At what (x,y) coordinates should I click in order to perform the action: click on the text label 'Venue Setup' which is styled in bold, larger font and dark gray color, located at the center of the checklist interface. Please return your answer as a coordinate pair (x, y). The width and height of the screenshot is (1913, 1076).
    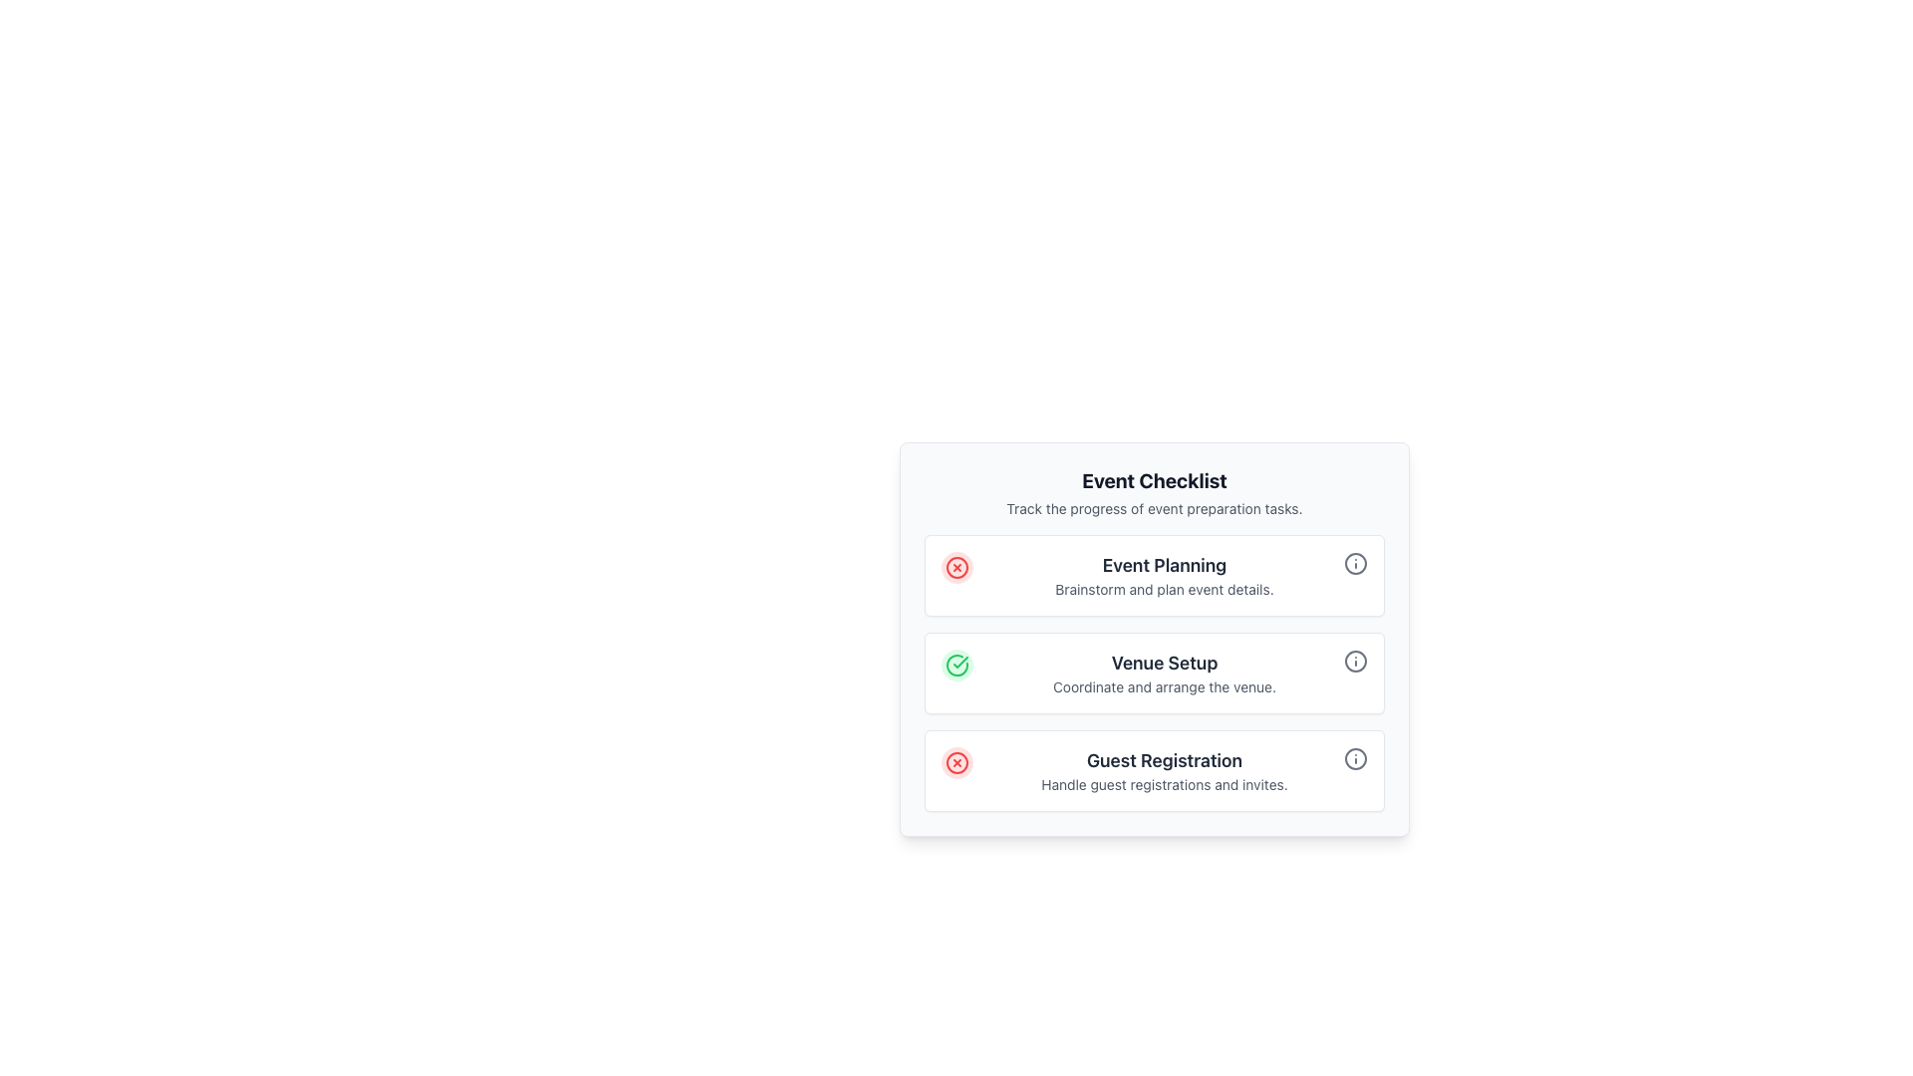
    Looking at the image, I should click on (1165, 664).